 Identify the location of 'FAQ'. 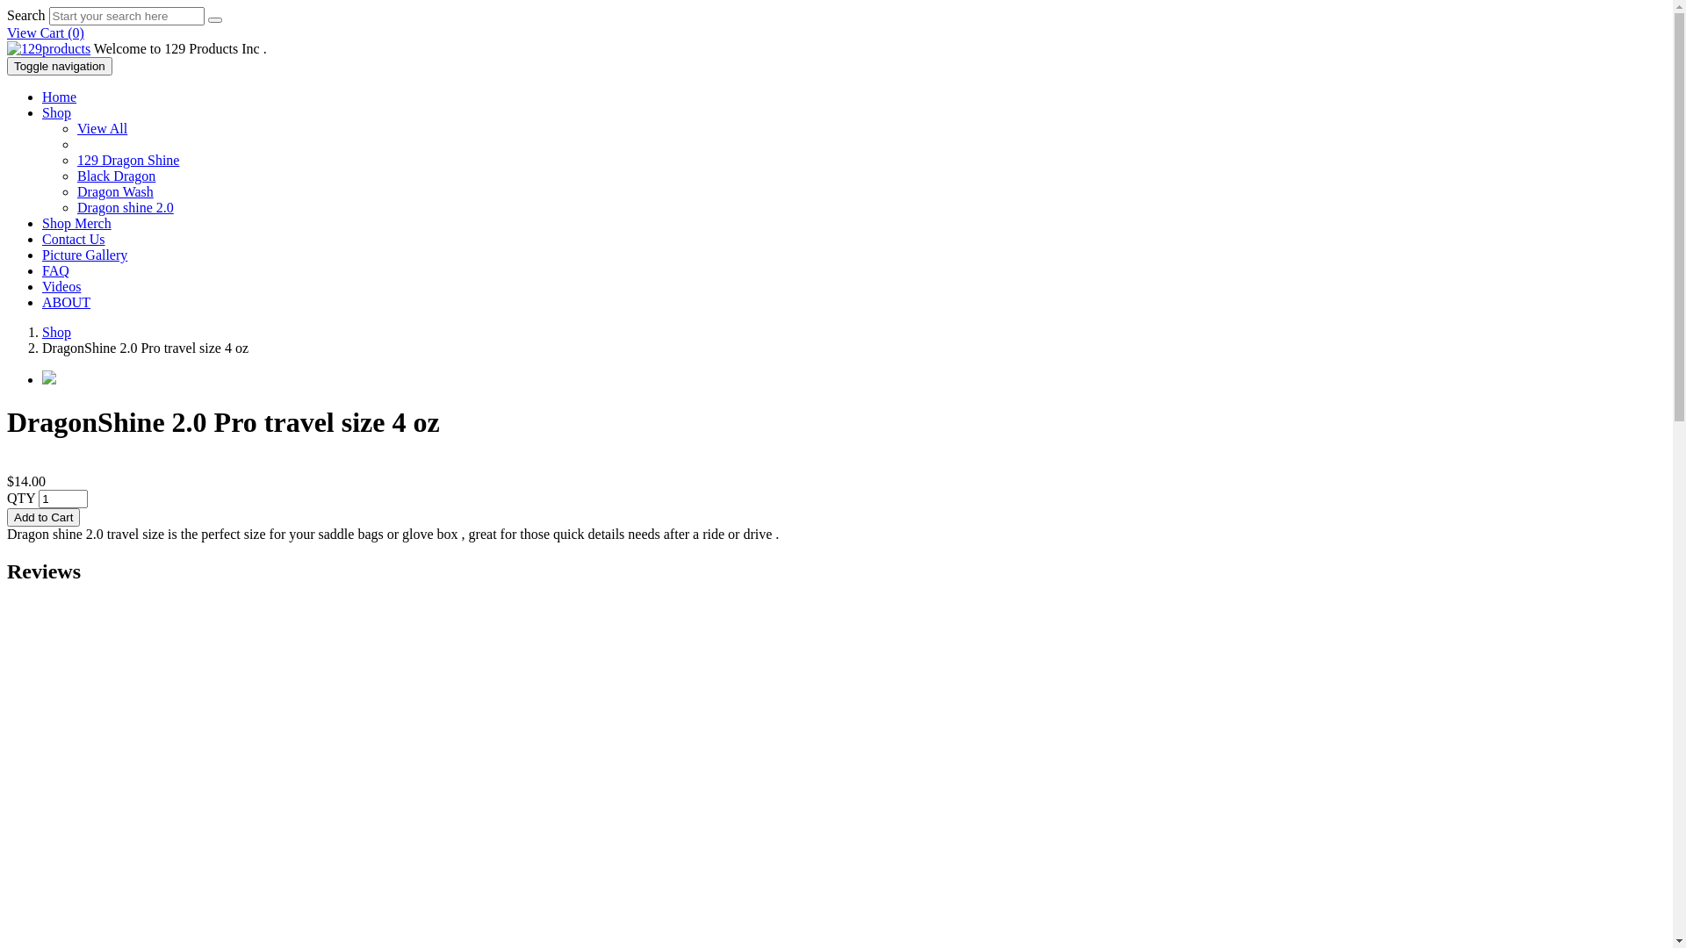
(42, 270).